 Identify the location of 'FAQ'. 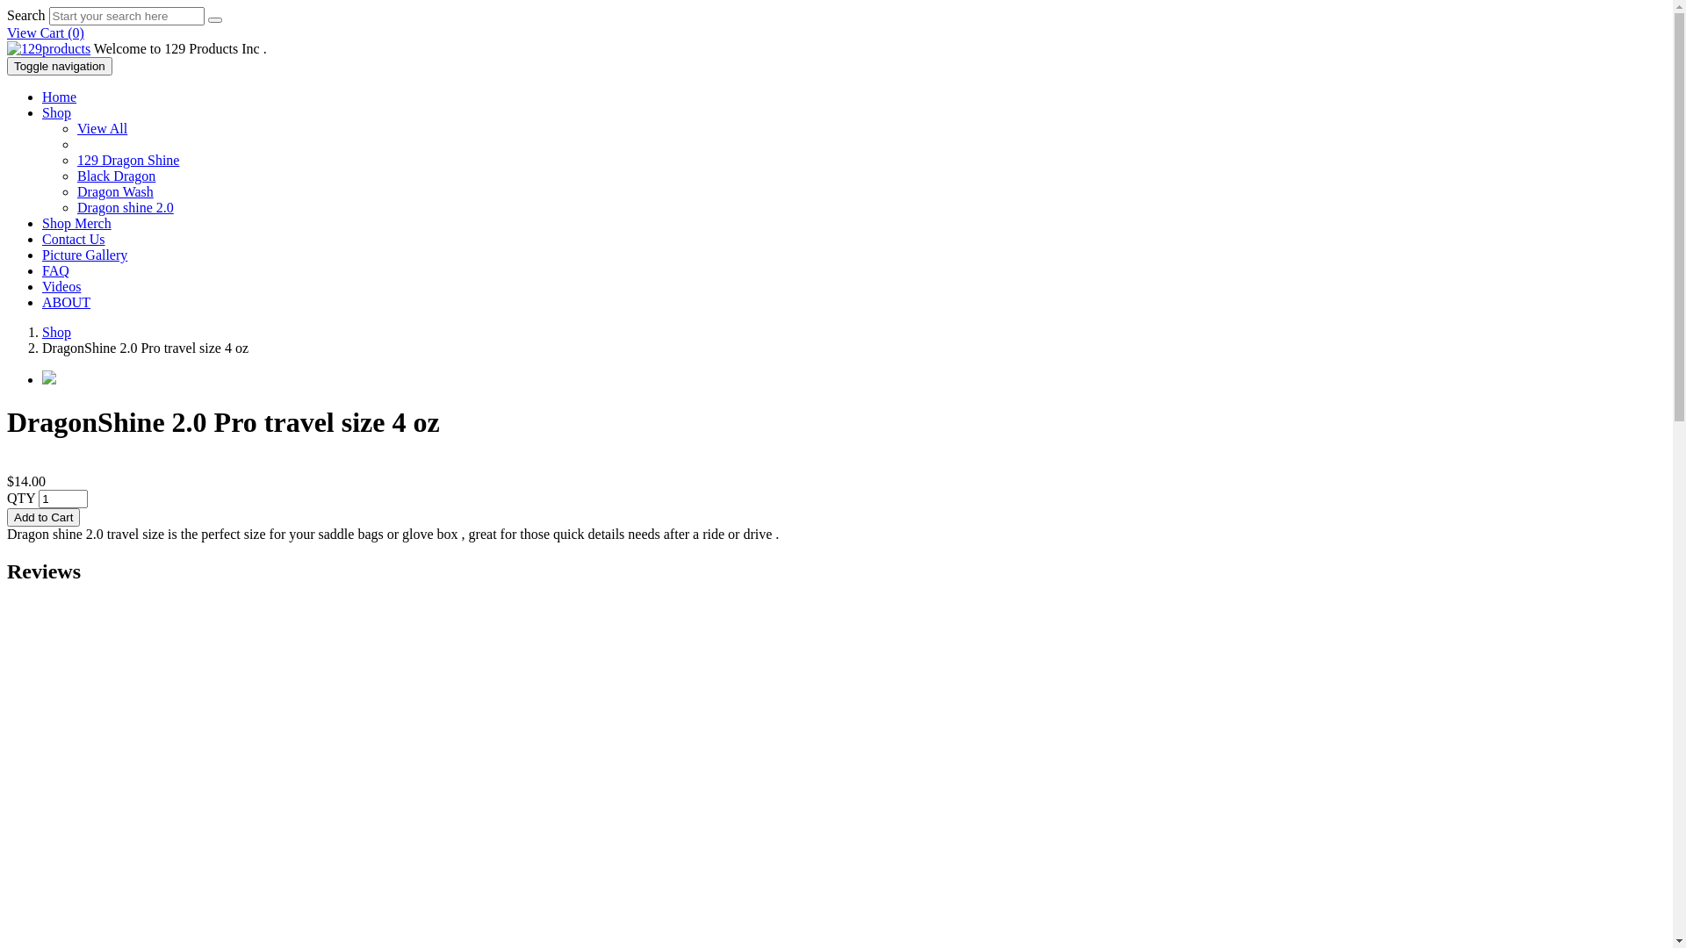
(42, 270).